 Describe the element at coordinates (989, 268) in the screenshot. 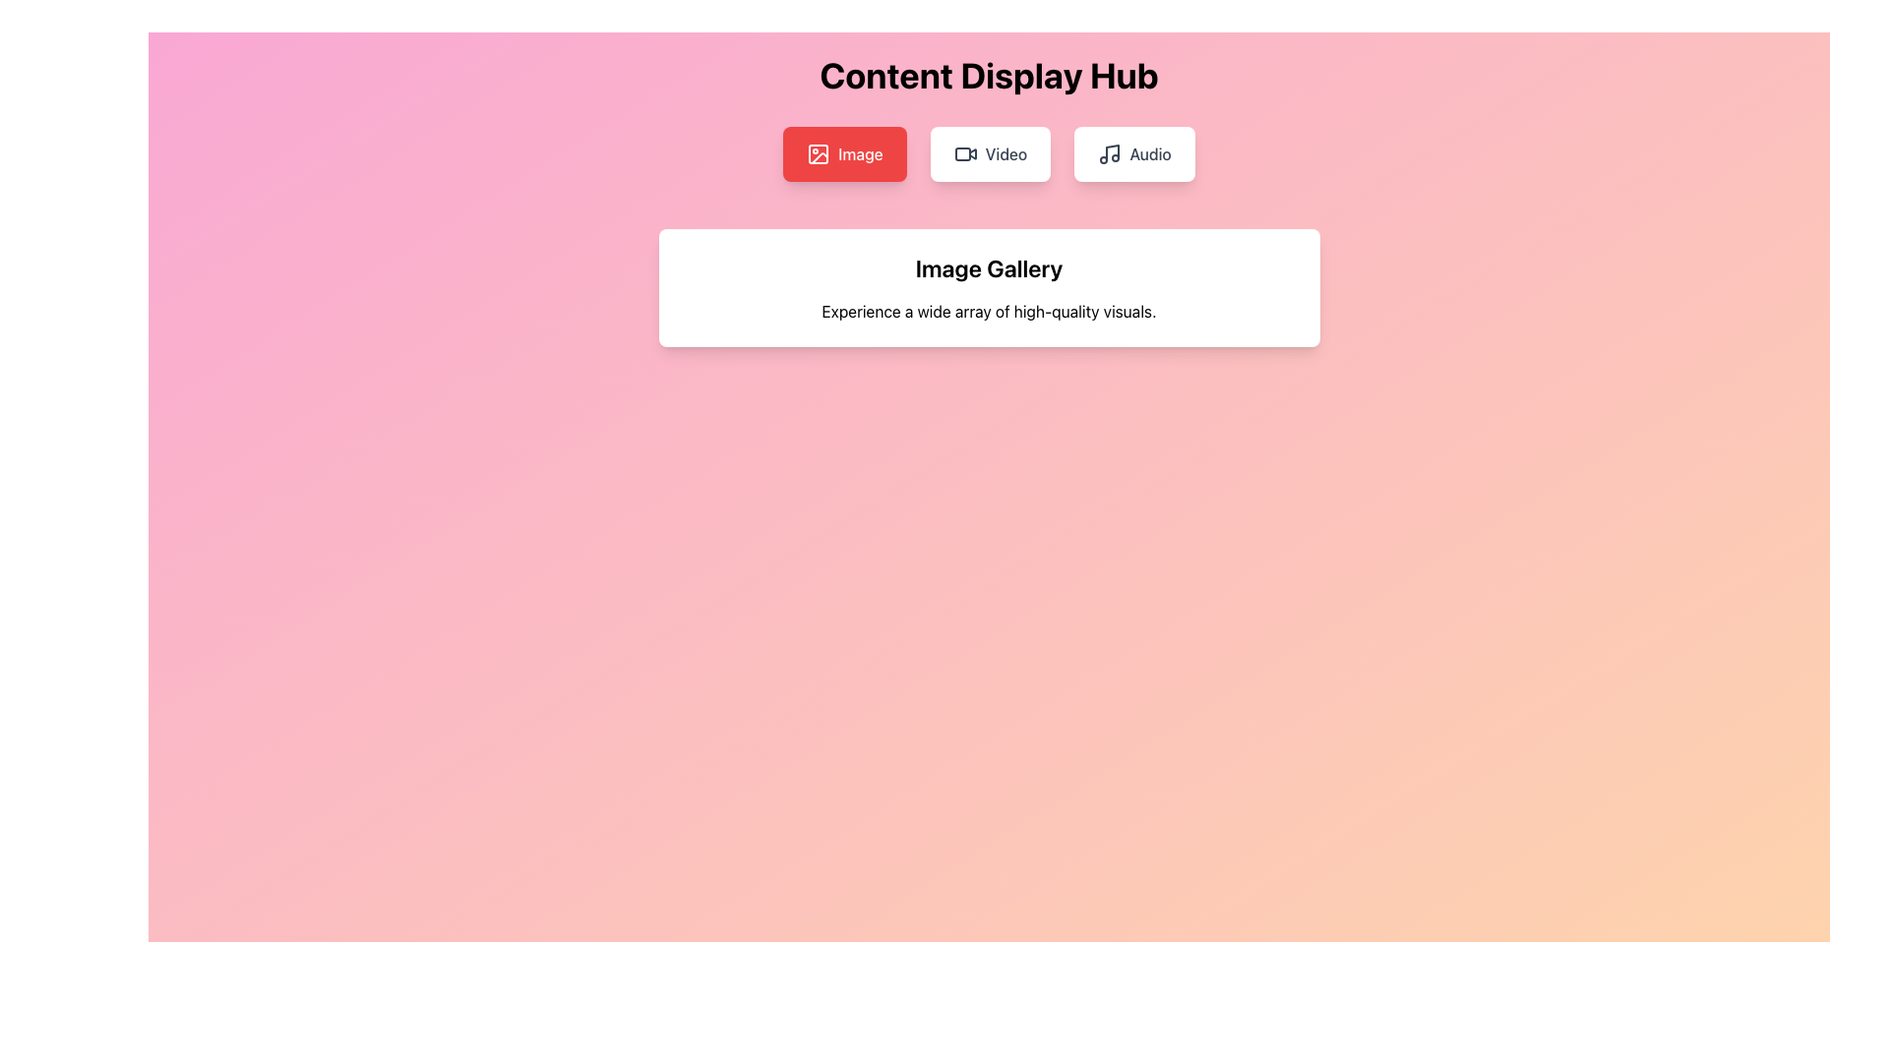

I see `the header text indicating the content focus of the image gallery, which is positioned at the top of a white card-like section` at that location.